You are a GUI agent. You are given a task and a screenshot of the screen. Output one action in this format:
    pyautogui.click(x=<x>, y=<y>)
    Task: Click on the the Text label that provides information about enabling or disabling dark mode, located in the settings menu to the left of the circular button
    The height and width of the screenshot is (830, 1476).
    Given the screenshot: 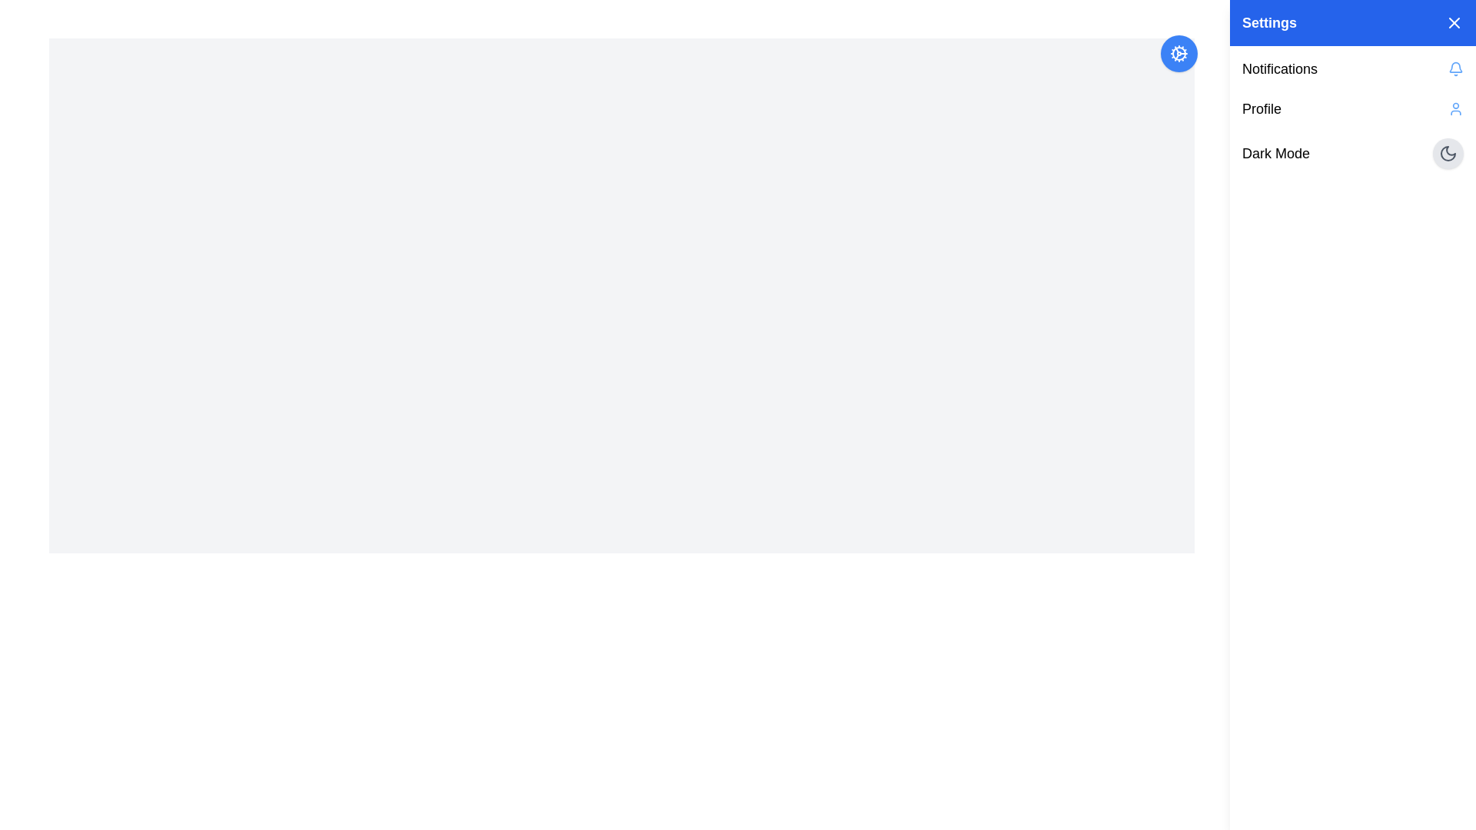 What is the action you would take?
    pyautogui.click(x=1276, y=154)
    